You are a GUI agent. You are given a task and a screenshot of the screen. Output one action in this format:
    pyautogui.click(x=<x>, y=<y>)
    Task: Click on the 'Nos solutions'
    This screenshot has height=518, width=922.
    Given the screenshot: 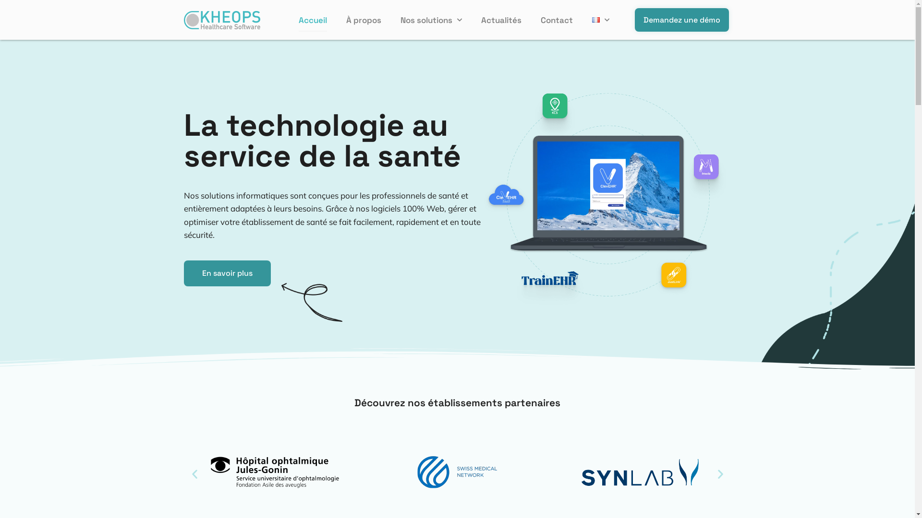 What is the action you would take?
    pyautogui.click(x=400, y=20)
    